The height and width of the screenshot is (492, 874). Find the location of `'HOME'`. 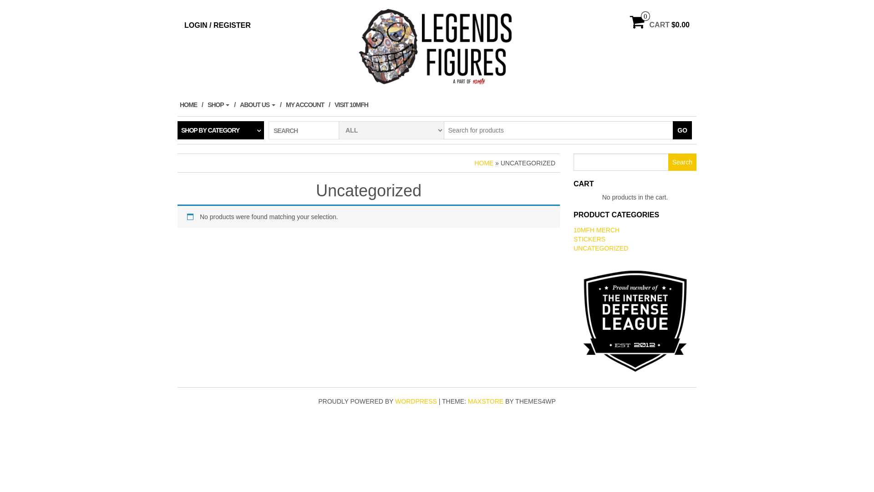

'HOME' is located at coordinates (191, 104).